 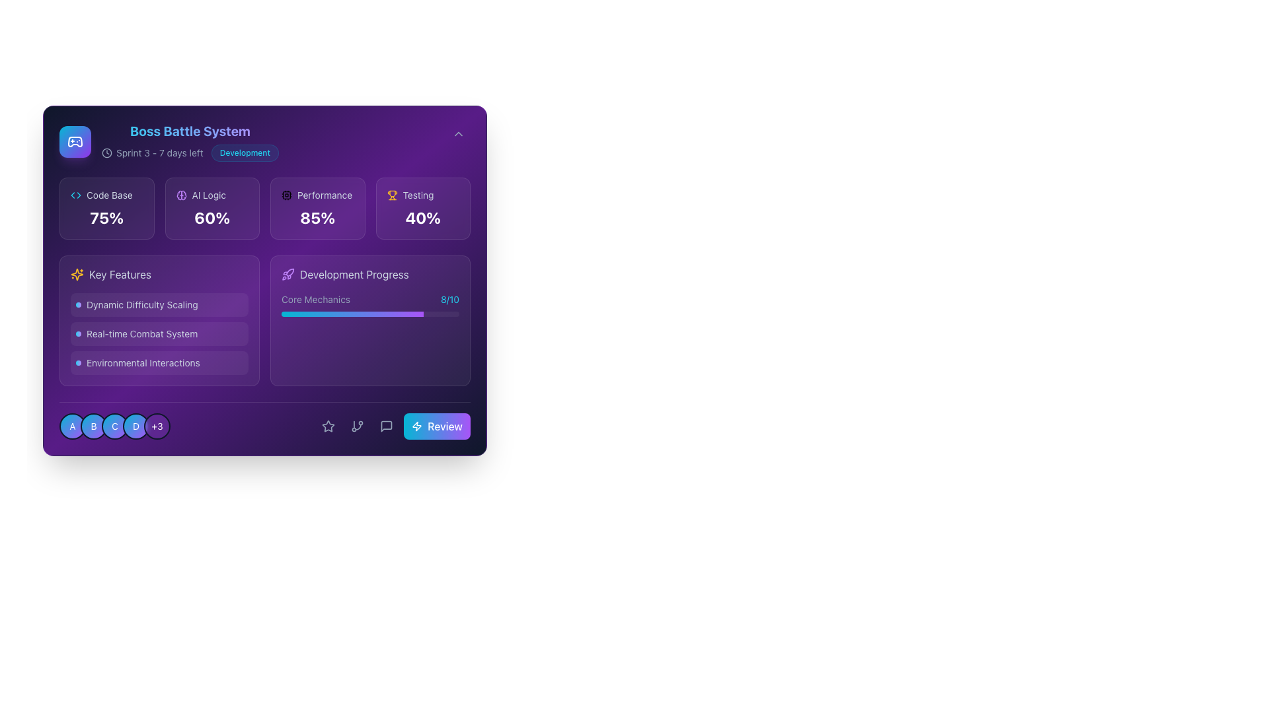 I want to click on the chat bubble icon located near the bottom-right section of the interface, so click(x=386, y=426).